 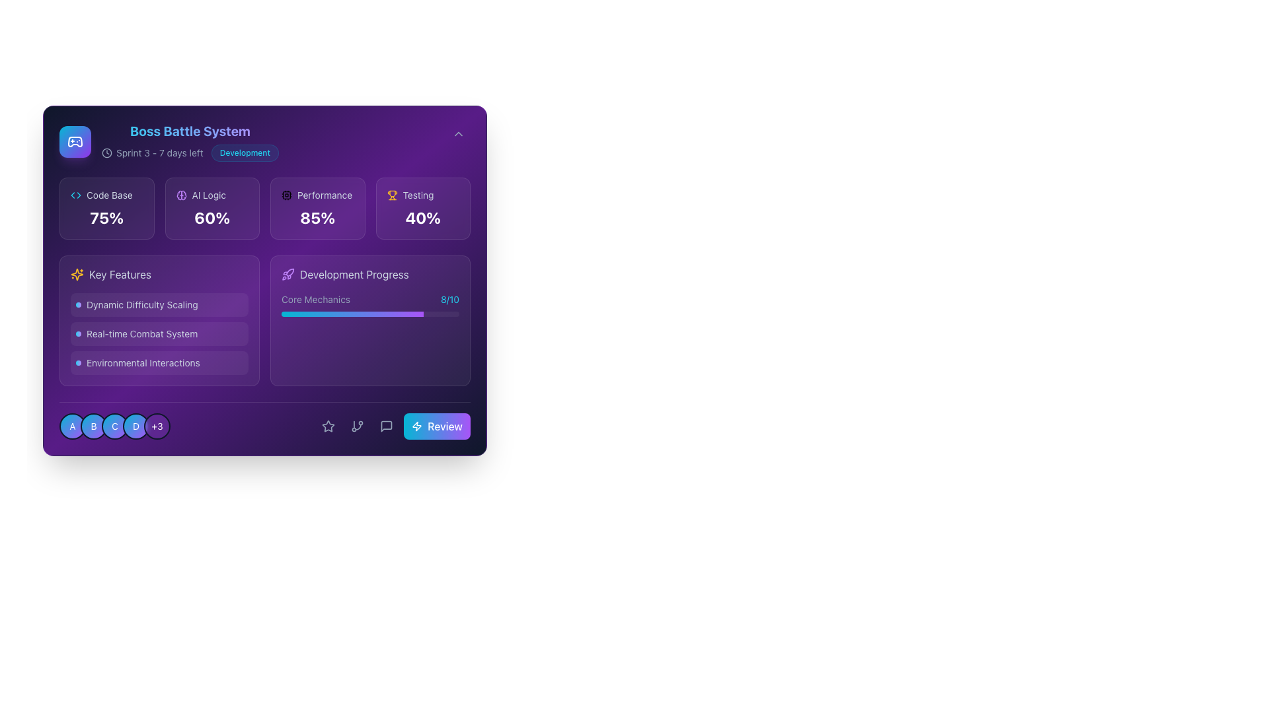 I want to click on the chat bubble icon located near the bottom-right section of the interface, so click(x=386, y=426).